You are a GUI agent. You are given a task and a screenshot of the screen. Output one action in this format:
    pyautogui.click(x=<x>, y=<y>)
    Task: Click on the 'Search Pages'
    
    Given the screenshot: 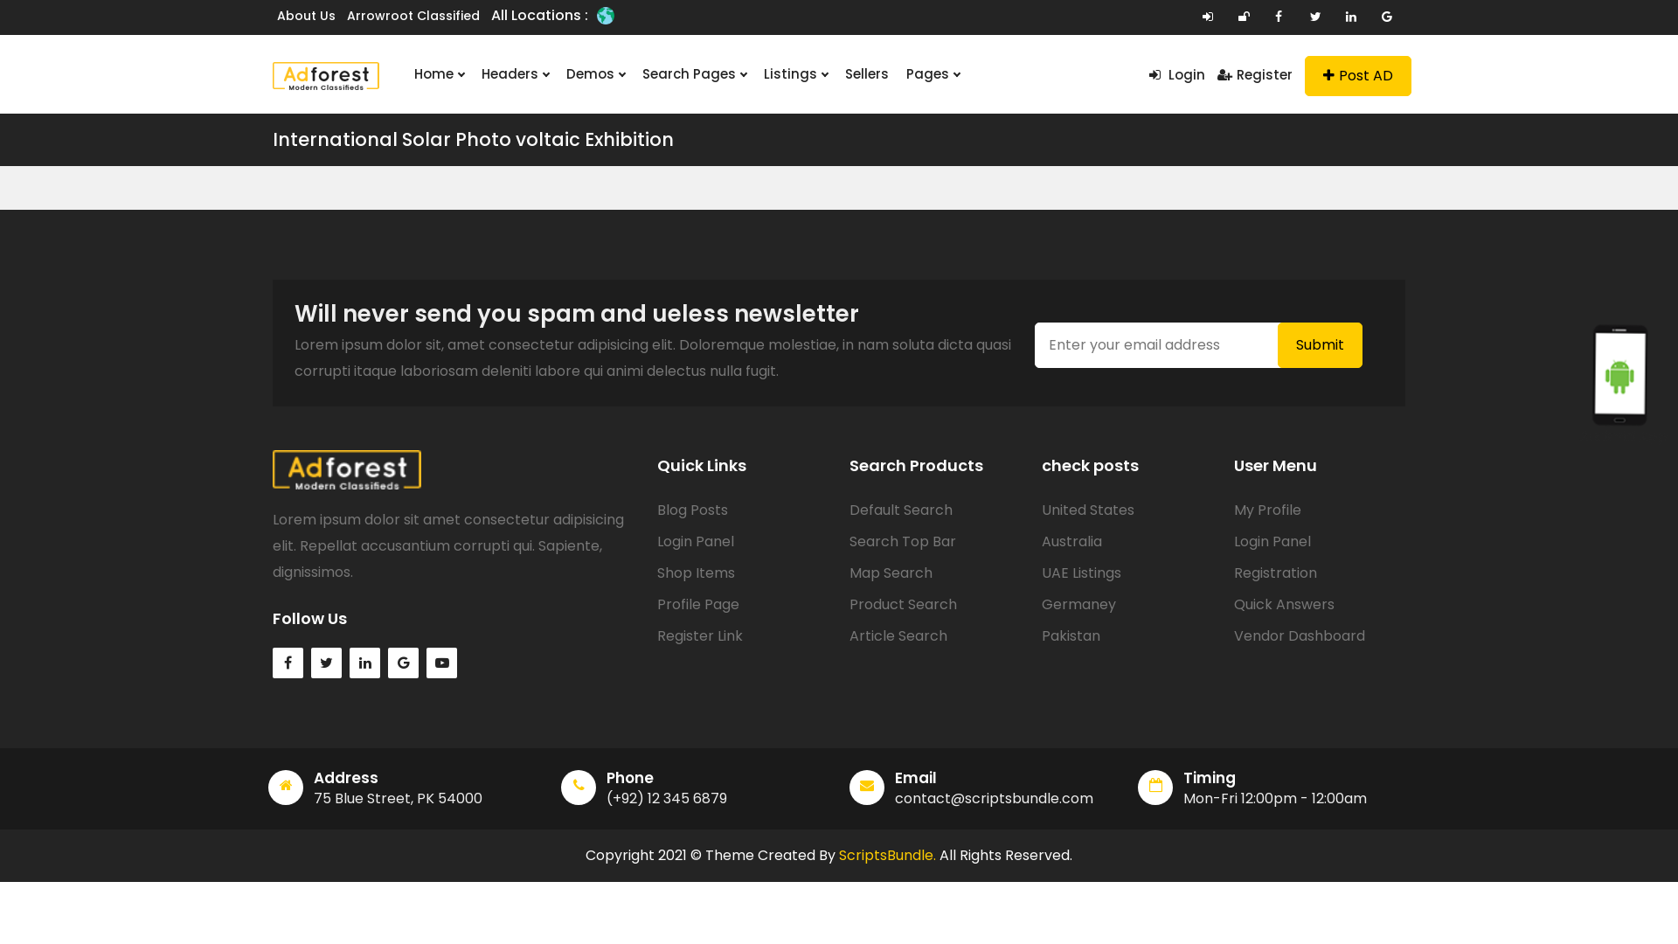 What is the action you would take?
    pyautogui.click(x=632, y=73)
    